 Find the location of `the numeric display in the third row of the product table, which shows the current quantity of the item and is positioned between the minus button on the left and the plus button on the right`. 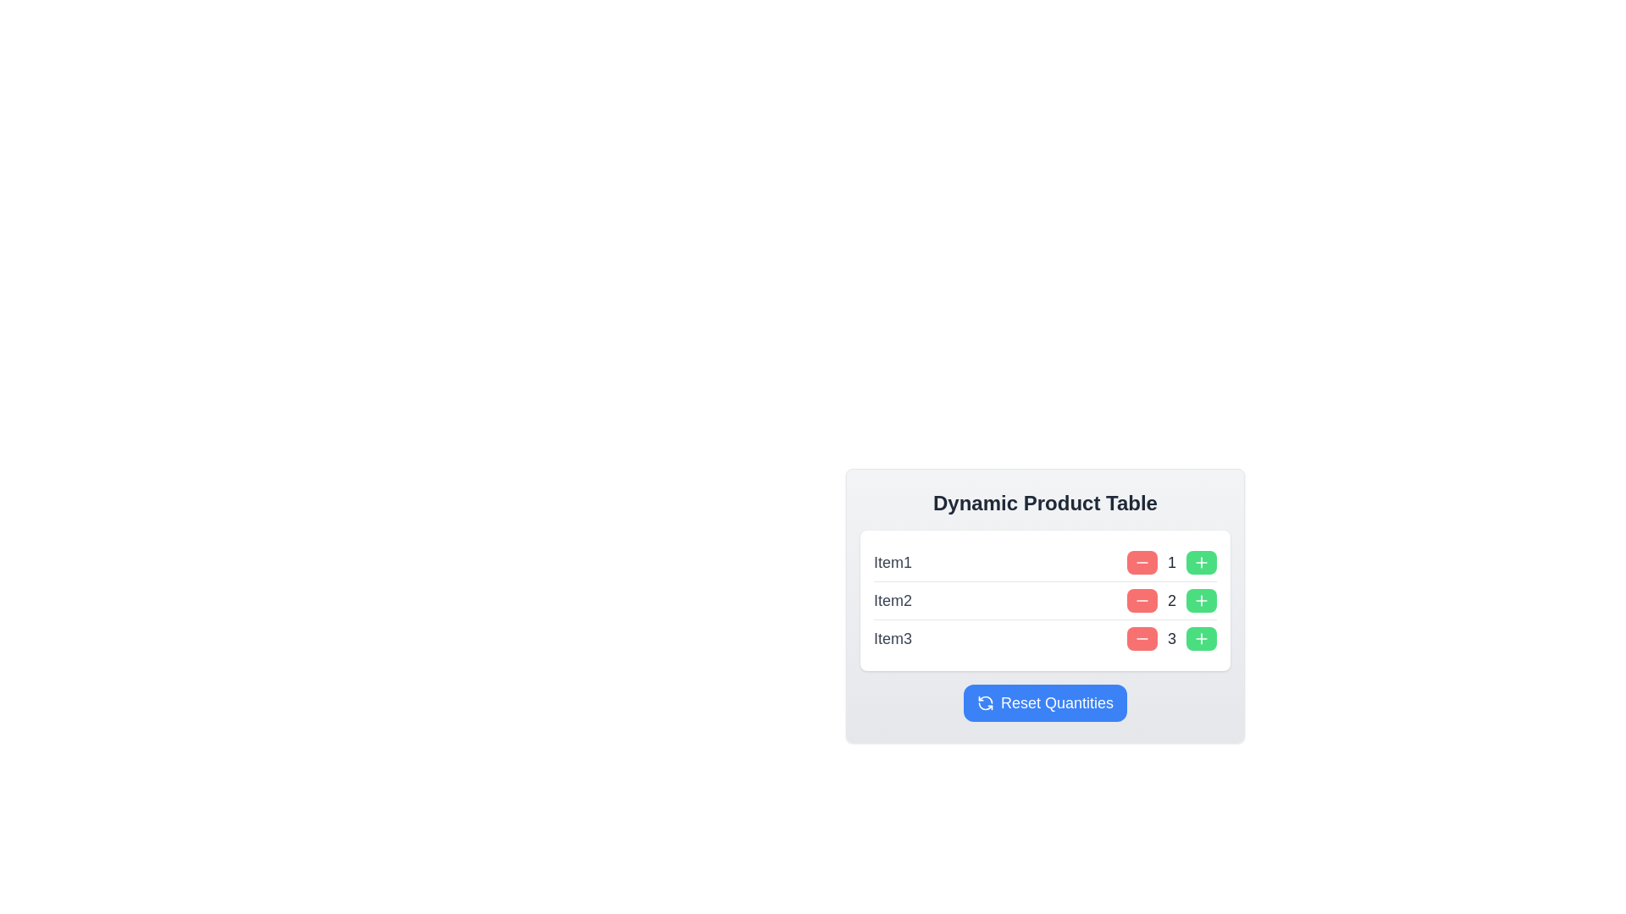

the numeric display in the third row of the product table, which shows the current quantity of the item and is positioned between the minus button on the left and the plus button on the right is located at coordinates (1170, 639).